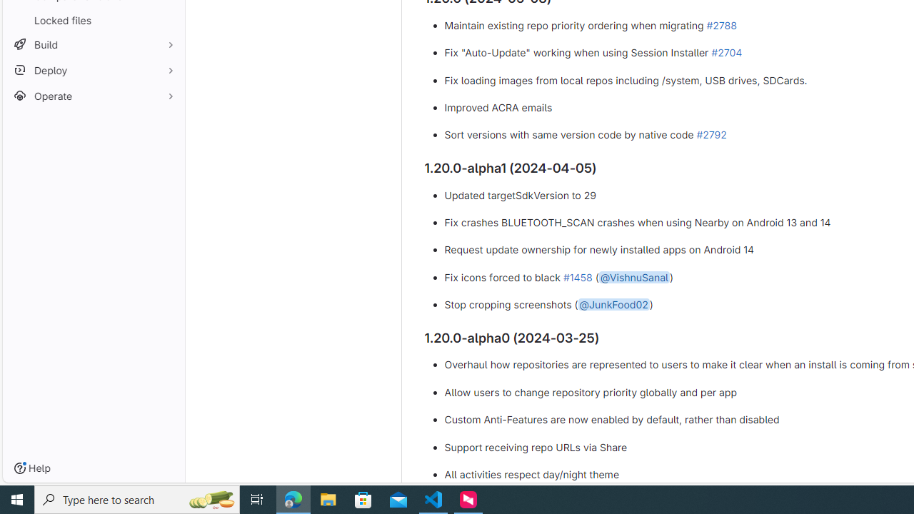  What do you see at coordinates (93, 70) in the screenshot?
I see `'Deploy'` at bounding box center [93, 70].